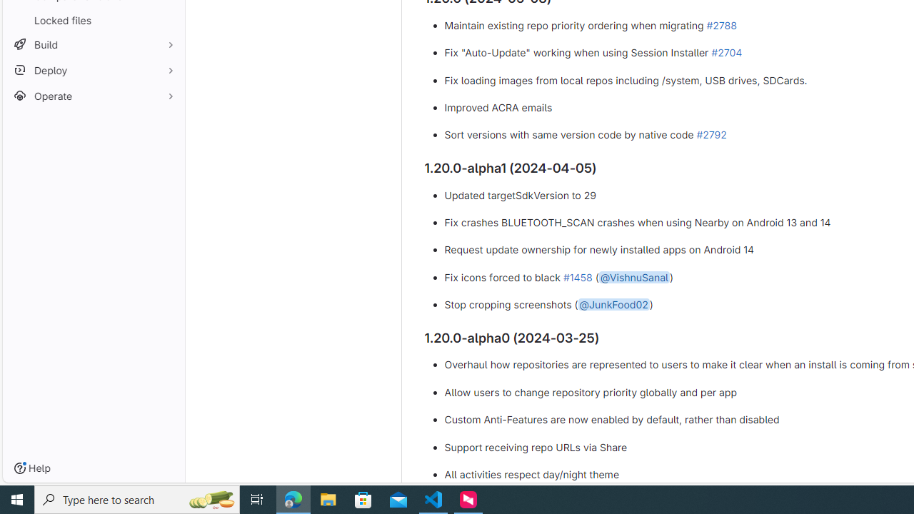  What do you see at coordinates (93, 70) in the screenshot?
I see `'Deploy'` at bounding box center [93, 70].